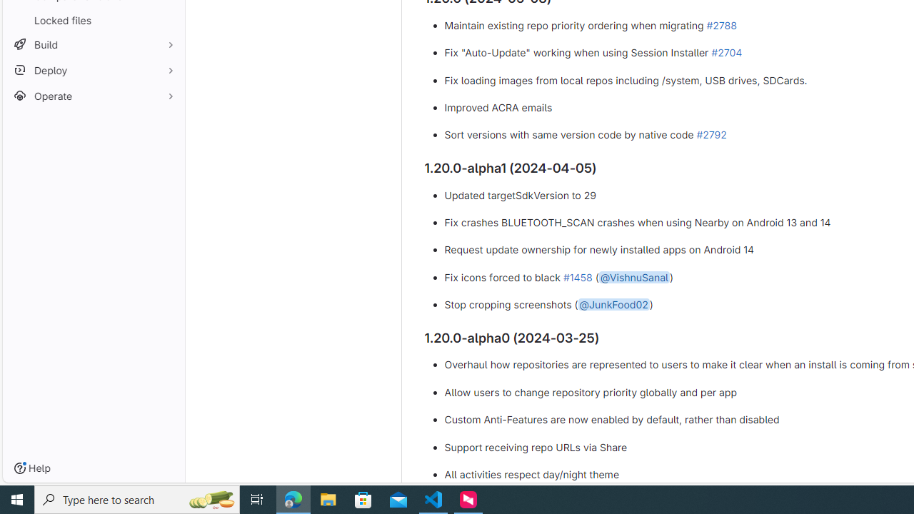  What do you see at coordinates (93, 70) in the screenshot?
I see `'Deploy'` at bounding box center [93, 70].